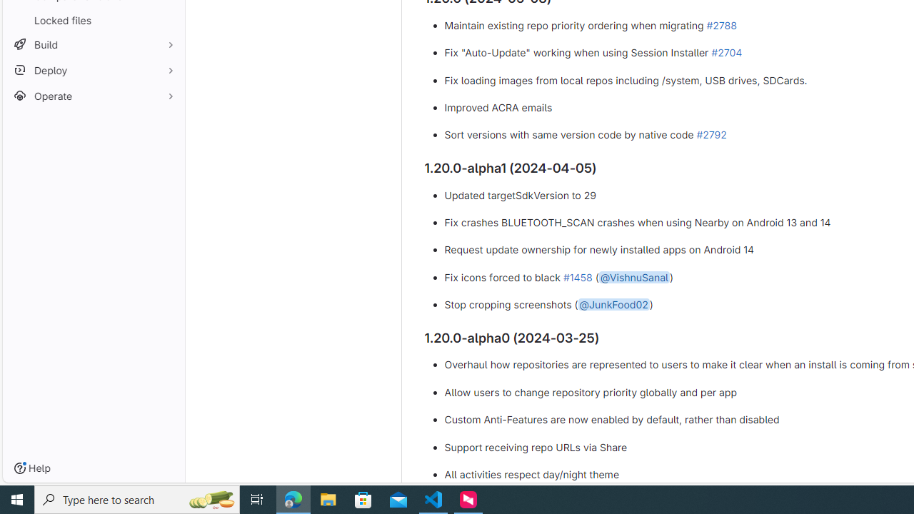  What do you see at coordinates (93, 70) in the screenshot?
I see `'Deploy'` at bounding box center [93, 70].